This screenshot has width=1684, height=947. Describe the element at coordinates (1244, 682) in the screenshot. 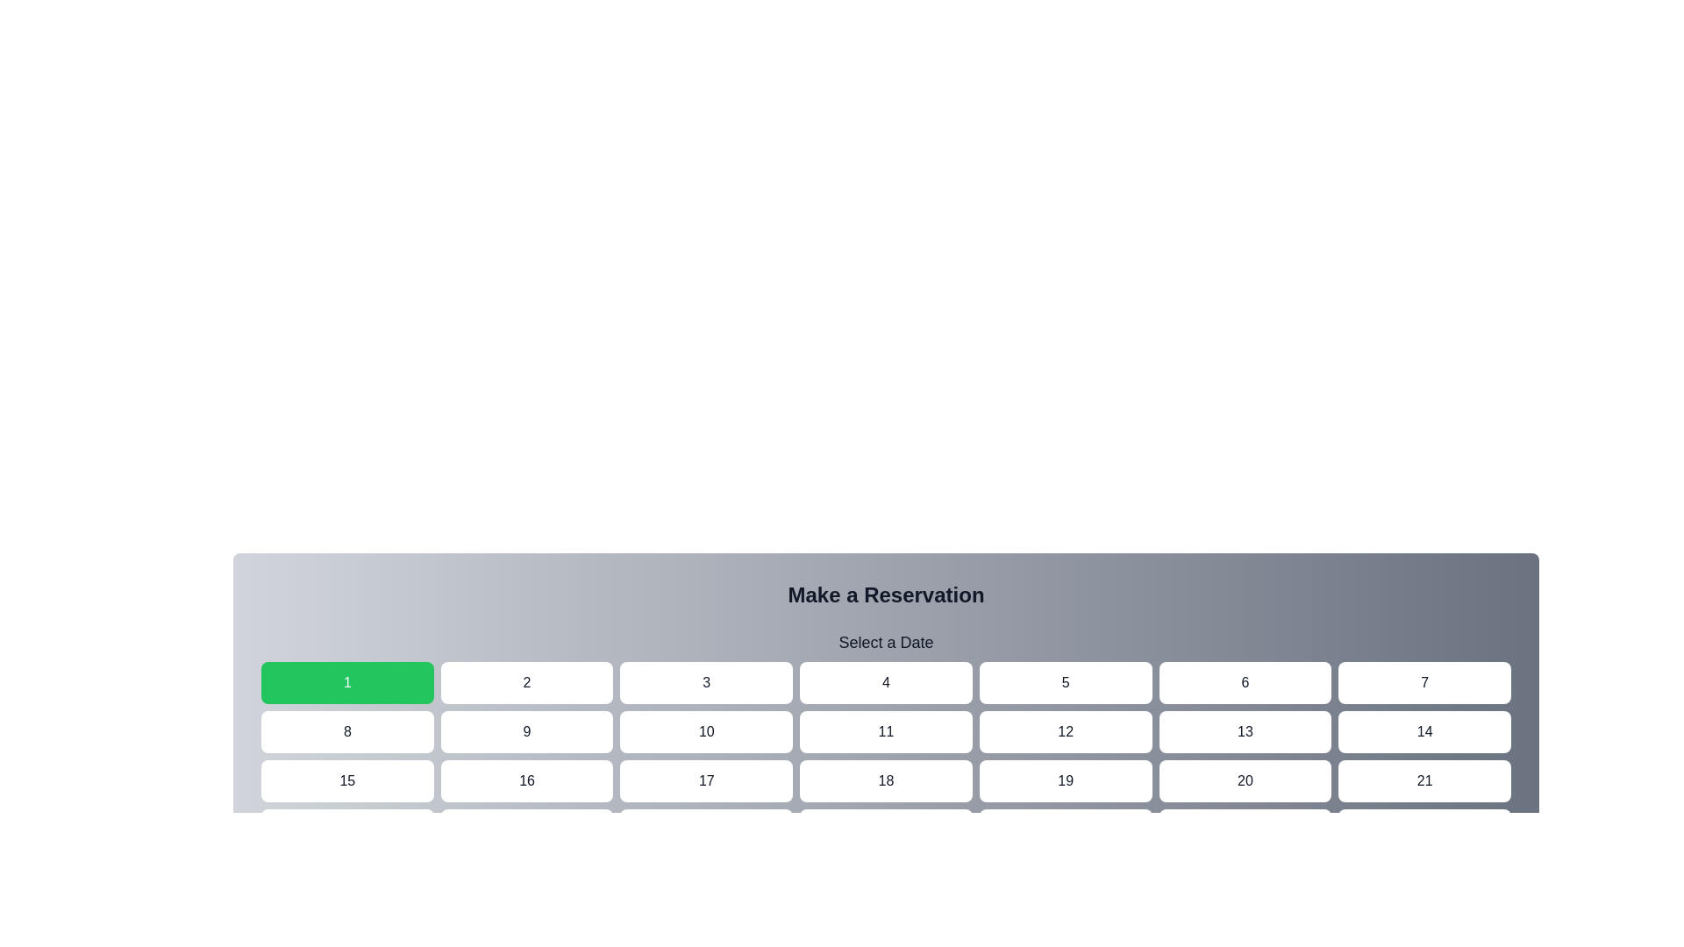

I see `the button representing the date '6' in the date picker interface` at that location.